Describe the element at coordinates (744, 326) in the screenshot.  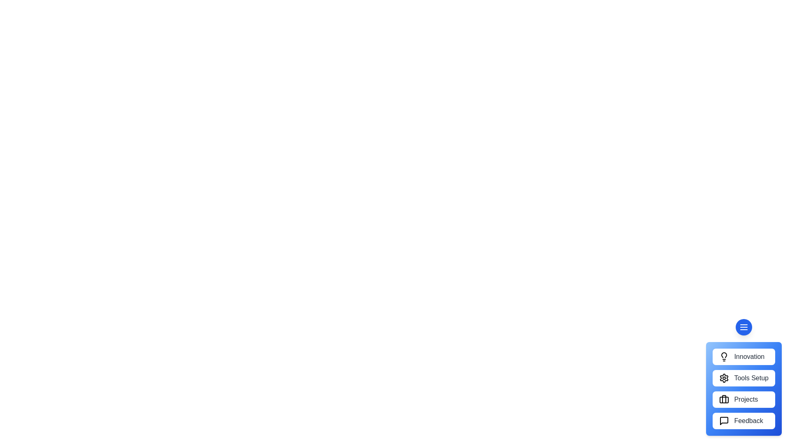
I see `toggle button to change the menu's state` at that location.